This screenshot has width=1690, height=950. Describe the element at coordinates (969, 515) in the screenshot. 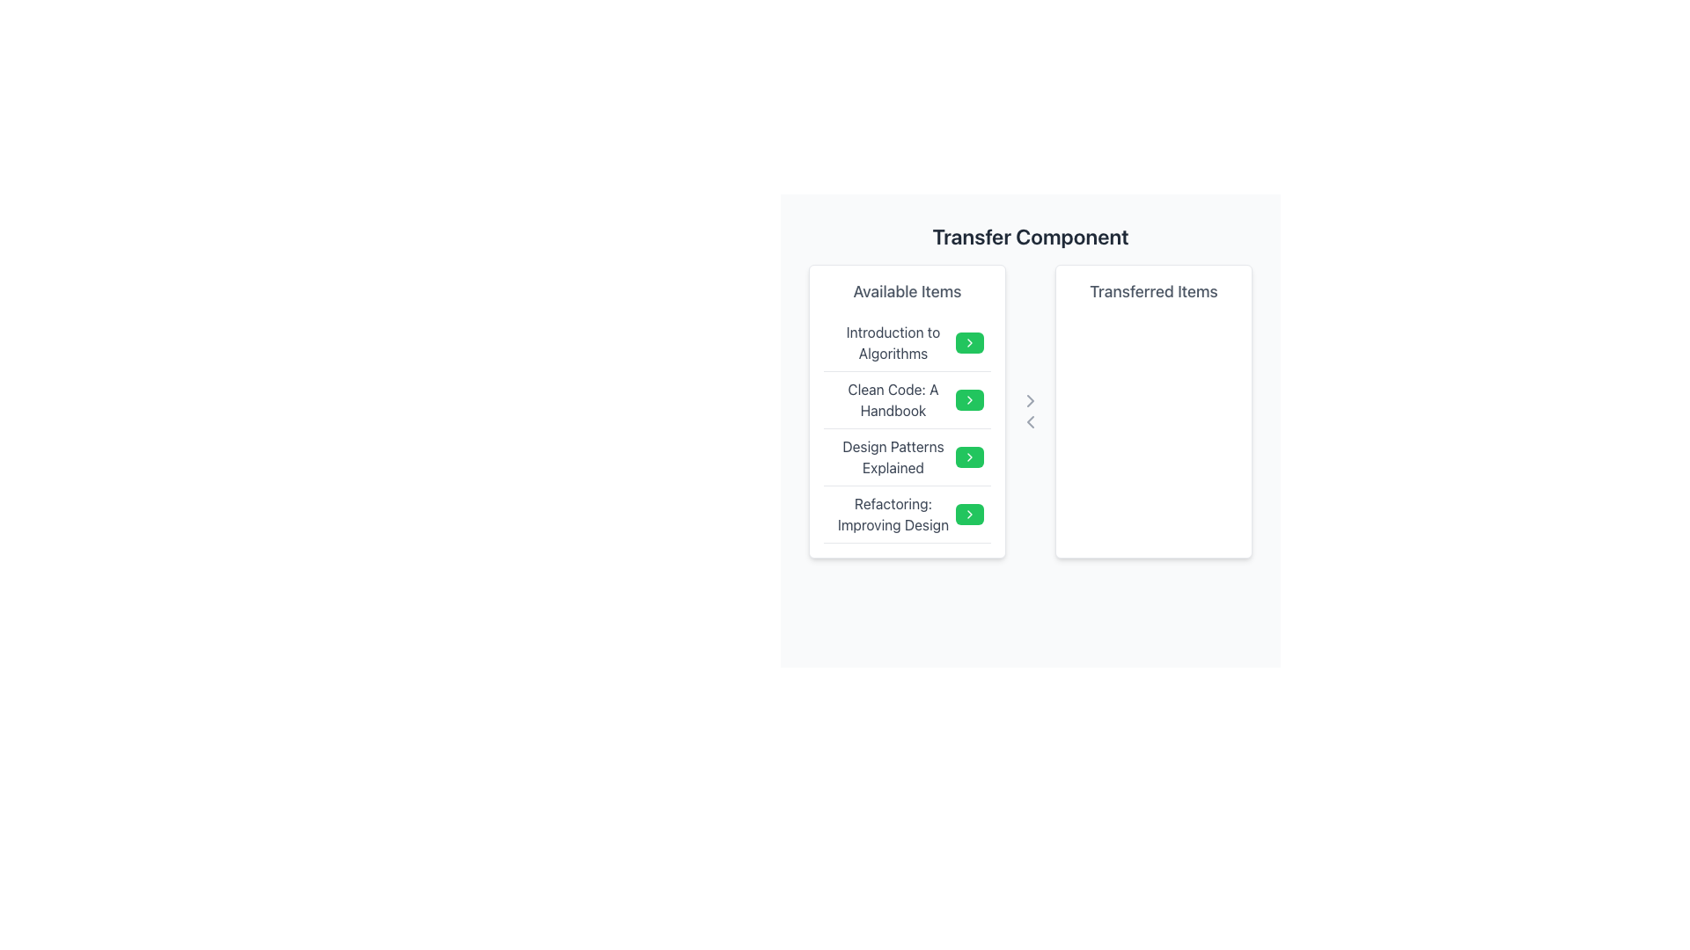

I see `the Chevron-shaped icon within the green button of the fourth item titled 'Refactoring: Improving Design'` at that location.